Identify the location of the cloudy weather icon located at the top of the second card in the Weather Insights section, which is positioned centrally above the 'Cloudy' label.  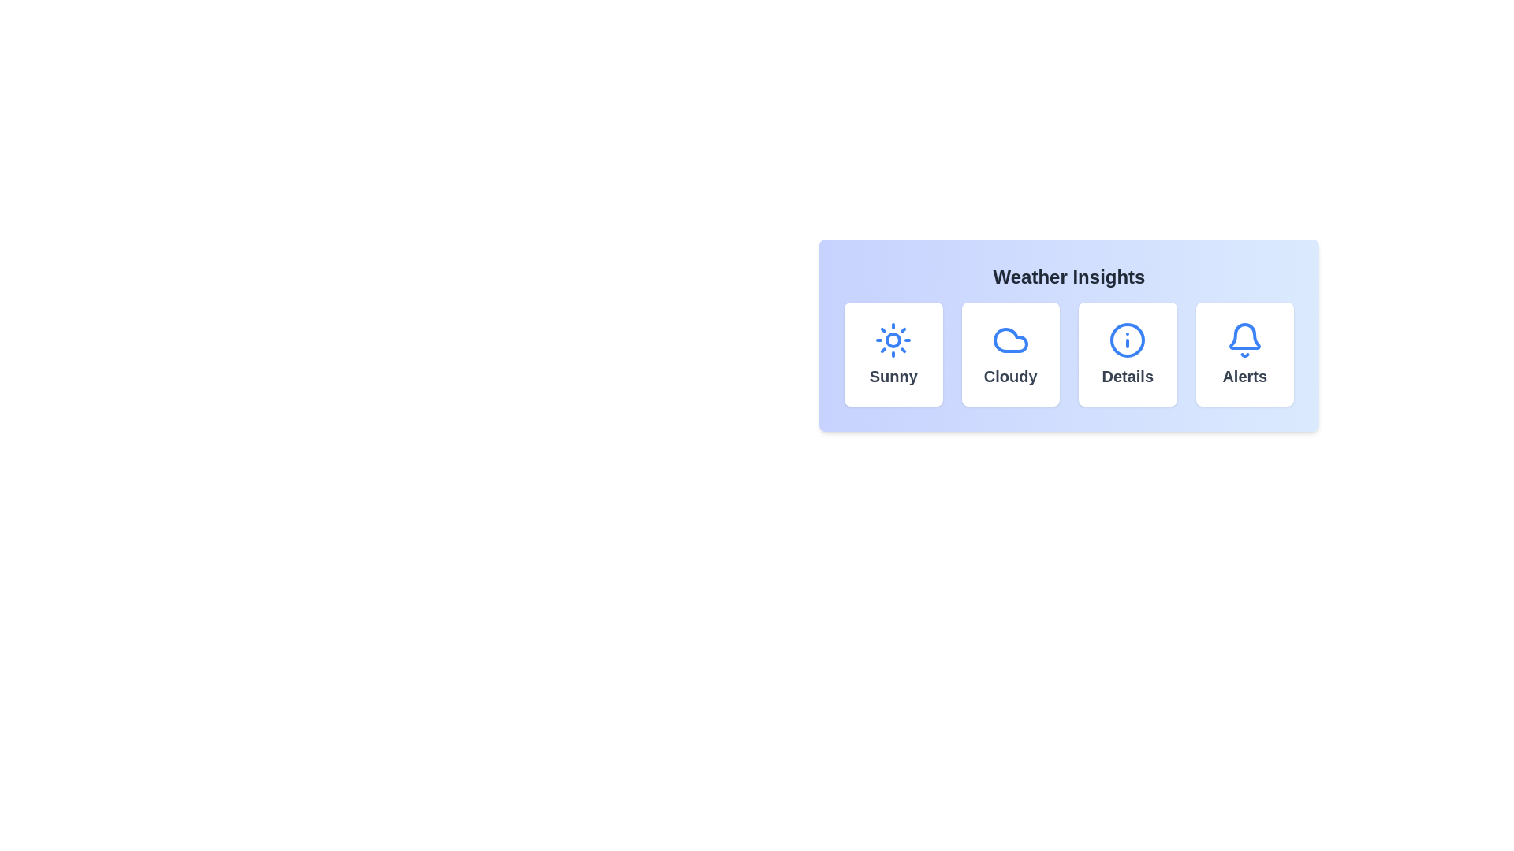
(1010, 340).